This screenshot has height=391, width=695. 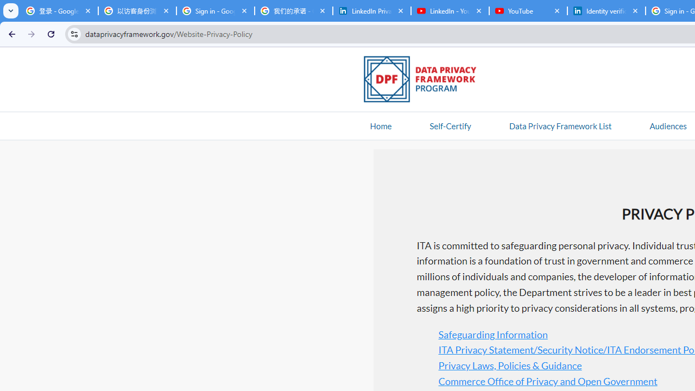 What do you see at coordinates (450, 125) in the screenshot?
I see `'Self-Certify'` at bounding box center [450, 125].